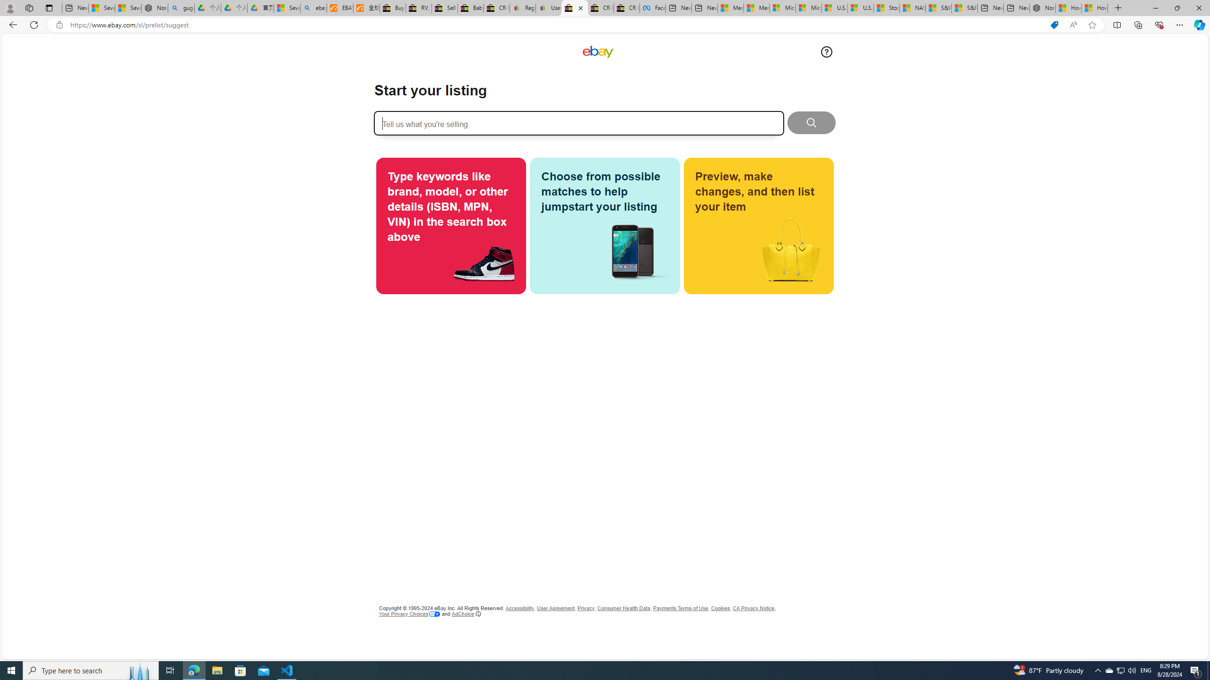  What do you see at coordinates (466, 613) in the screenshot?
I see `'AdChoice'` at bounding box center [466, 613].